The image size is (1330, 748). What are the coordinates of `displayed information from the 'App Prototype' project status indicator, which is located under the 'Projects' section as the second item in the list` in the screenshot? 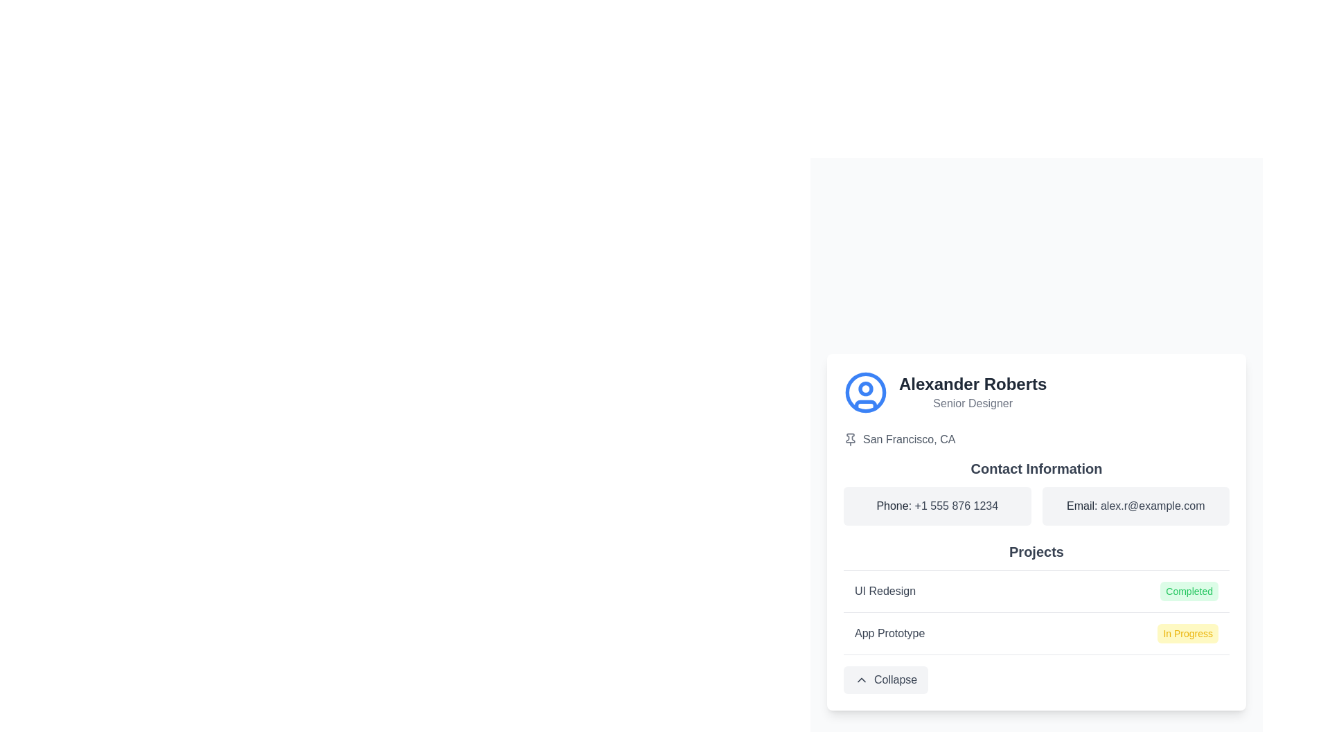 It's located at (1036, 633).